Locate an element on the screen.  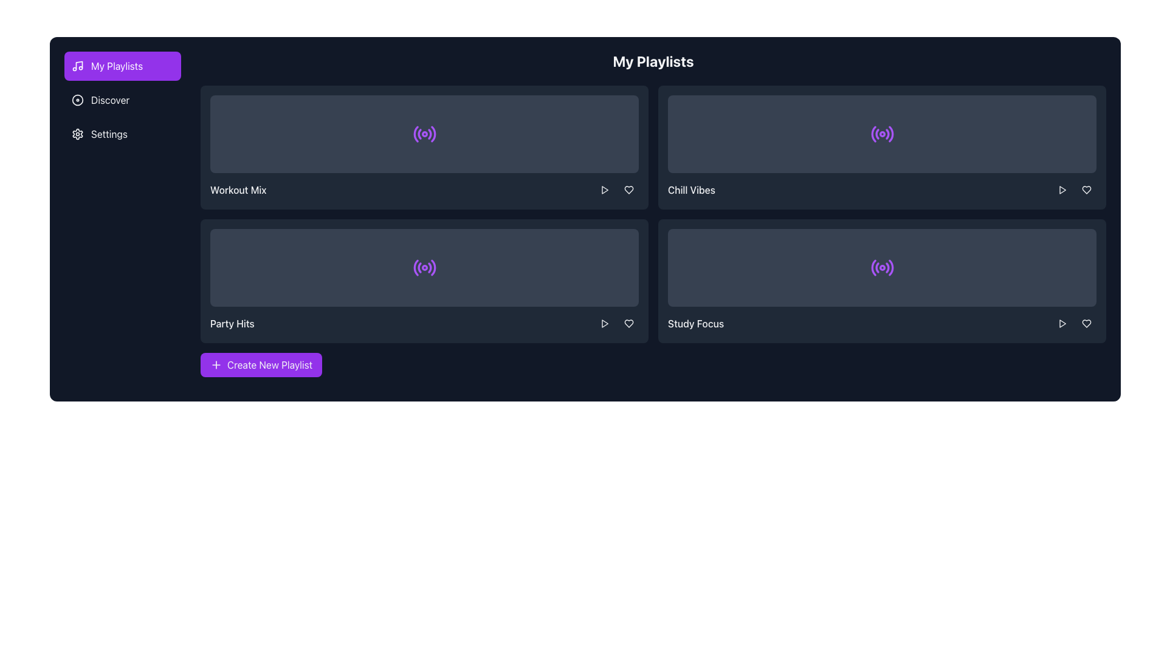
the 'Chill Vibes' playlist card located in the second column of the first row in the 'My Playlists' section is located at coordinates (882, 134).